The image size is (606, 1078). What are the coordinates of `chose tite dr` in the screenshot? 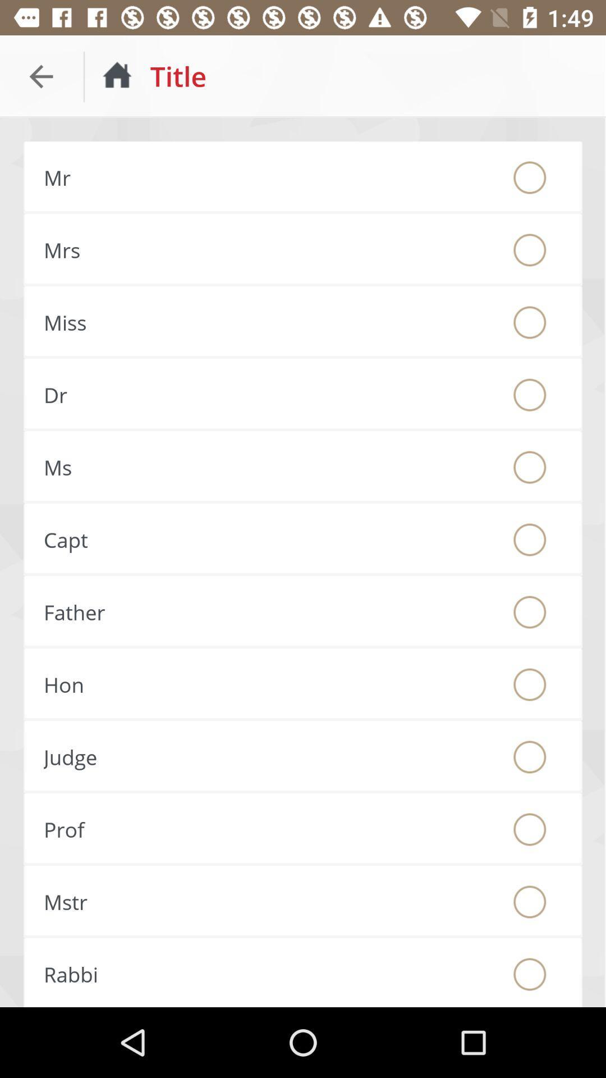 It's located at (530, 395).